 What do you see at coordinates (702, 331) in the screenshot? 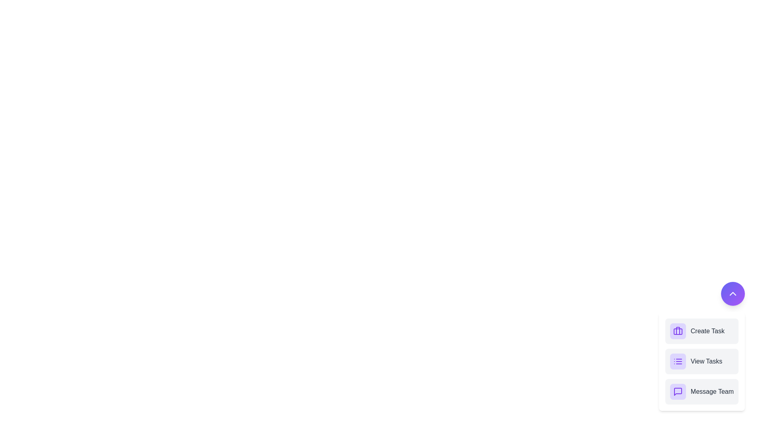
I see `the 'Create Task' button` at bounding box center [702, 331].